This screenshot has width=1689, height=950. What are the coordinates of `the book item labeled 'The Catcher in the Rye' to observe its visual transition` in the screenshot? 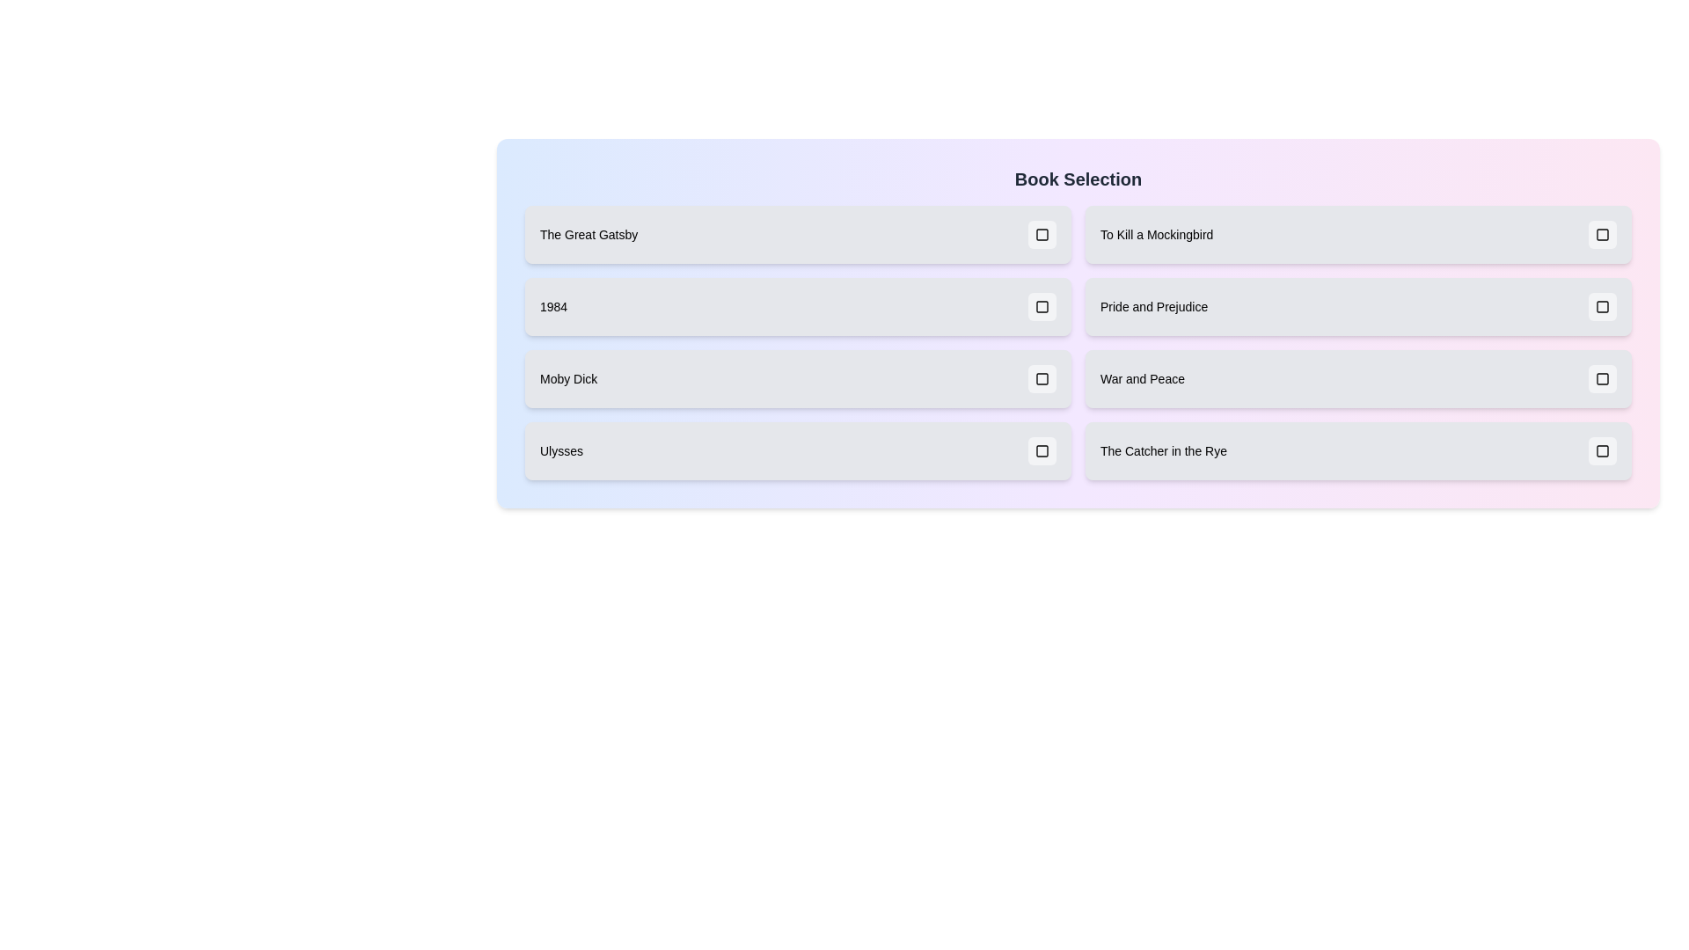 It's located at (1357, 450).